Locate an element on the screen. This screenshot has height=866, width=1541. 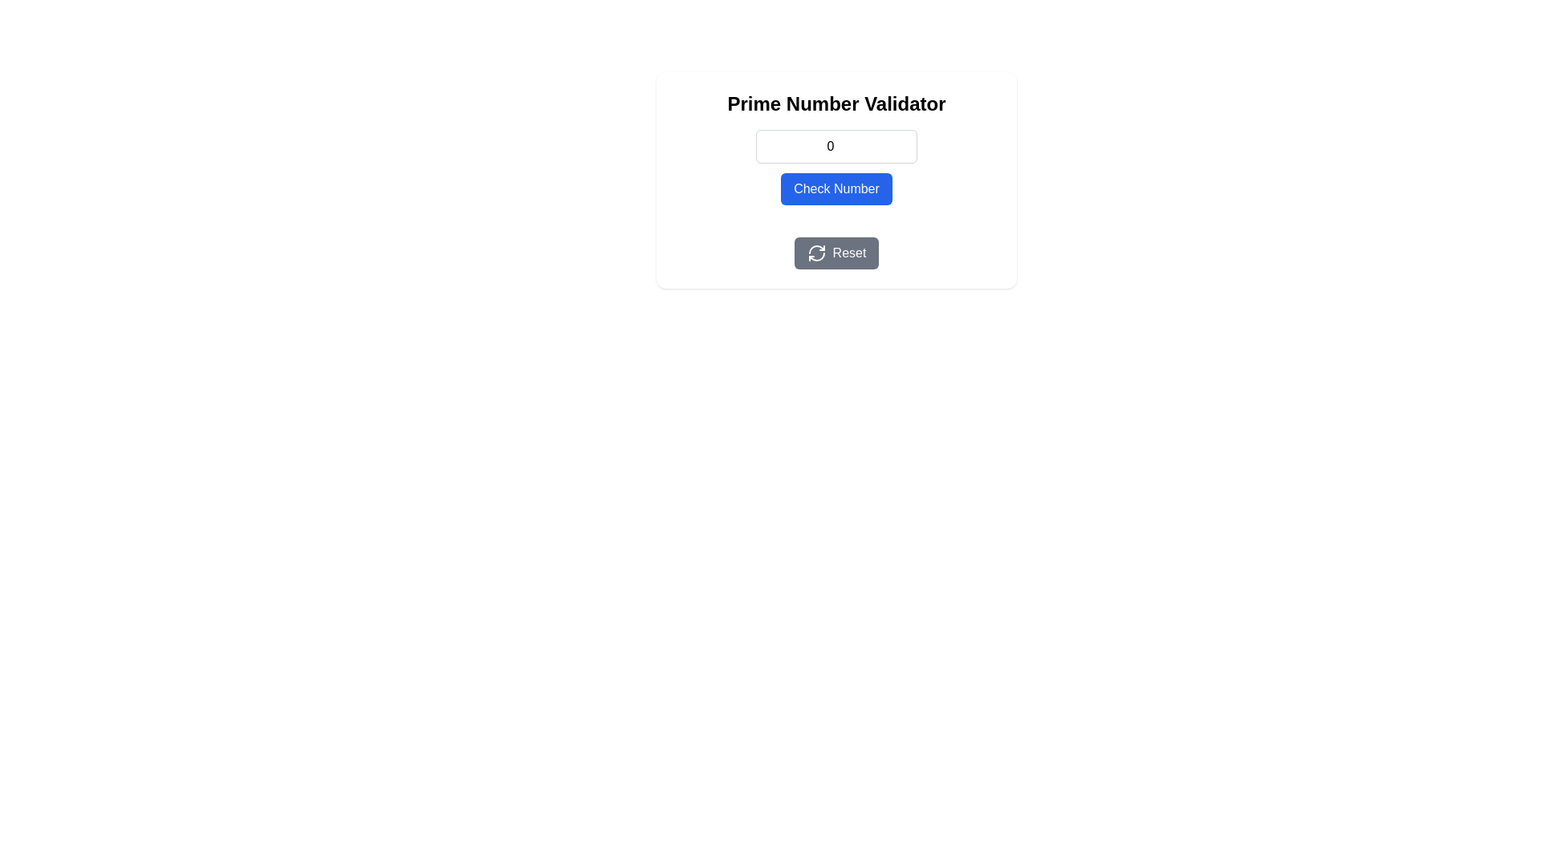
the Numeric Input Field to focus on it for inputting a numeric value is located at coordinates (836, 146).